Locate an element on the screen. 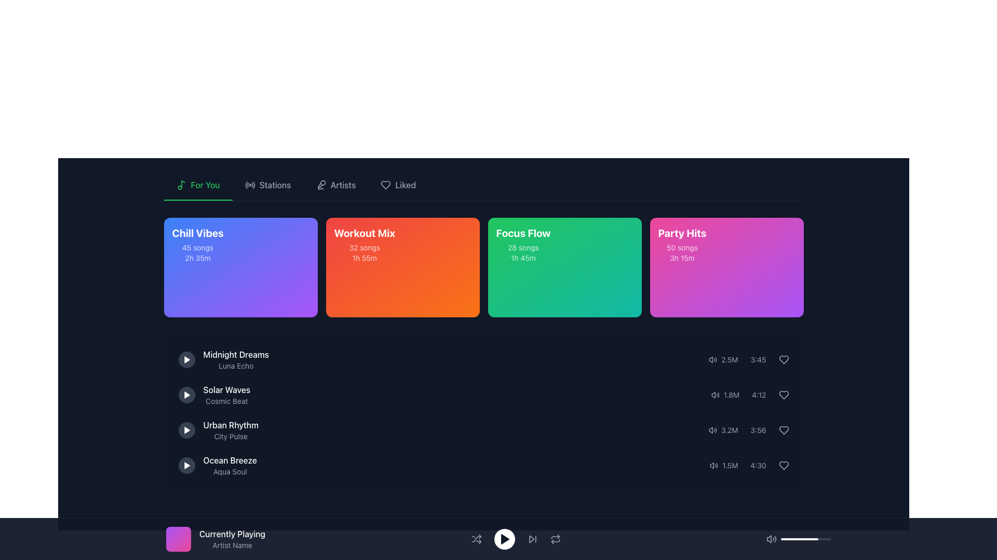 The width and height of the screenshot is (997, 560). the heart-shaped icon located at the bottom-right section of the interface, aligned with the '4:12' song duration is located at coordinates (784, 395).